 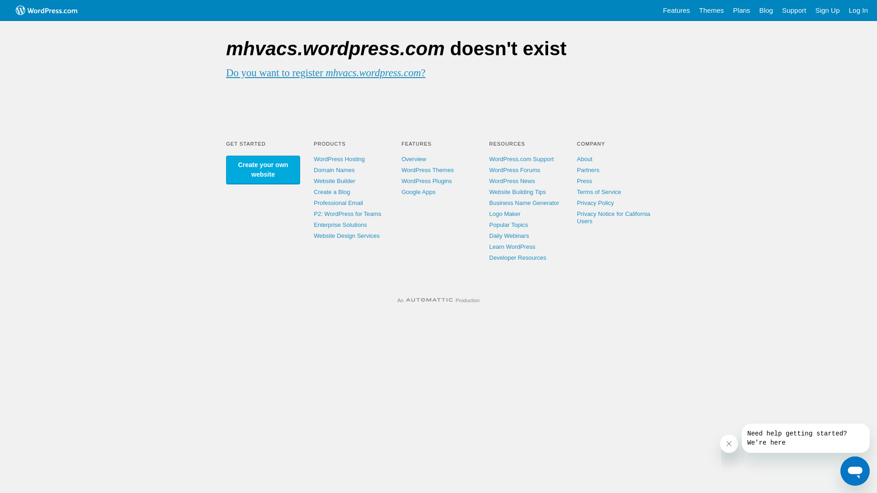 I want to click on 'Daily Webinars', so click(x=508, y=235).